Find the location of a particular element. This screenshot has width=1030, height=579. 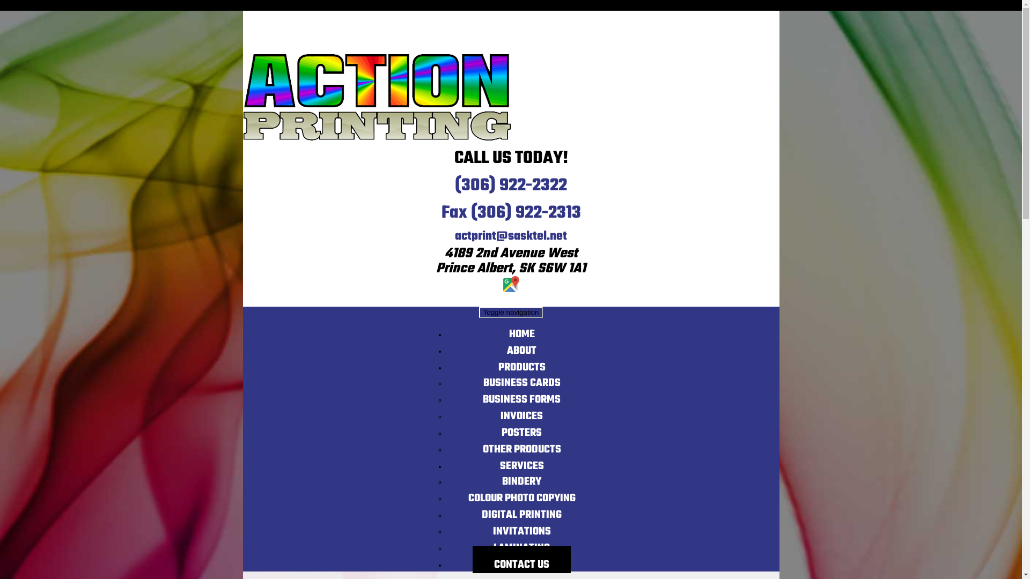

'DIGITAL PRINTING' is located at coordinates (460, 509).